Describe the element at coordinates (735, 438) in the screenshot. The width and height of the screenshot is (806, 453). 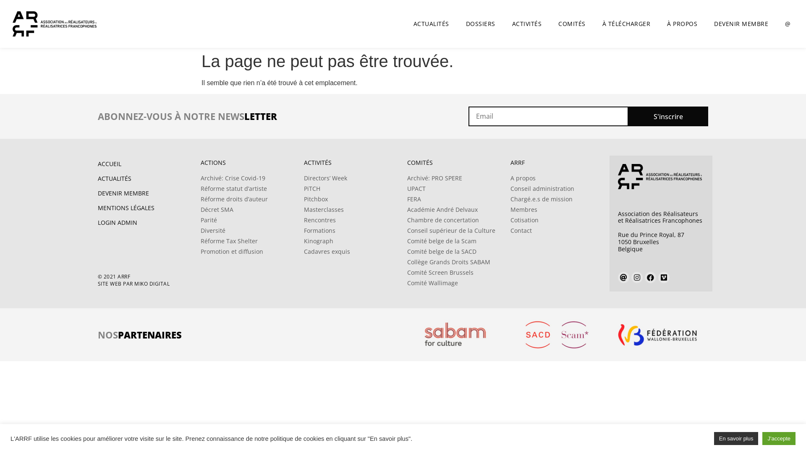
I see `'En savoir plus'` at that location.